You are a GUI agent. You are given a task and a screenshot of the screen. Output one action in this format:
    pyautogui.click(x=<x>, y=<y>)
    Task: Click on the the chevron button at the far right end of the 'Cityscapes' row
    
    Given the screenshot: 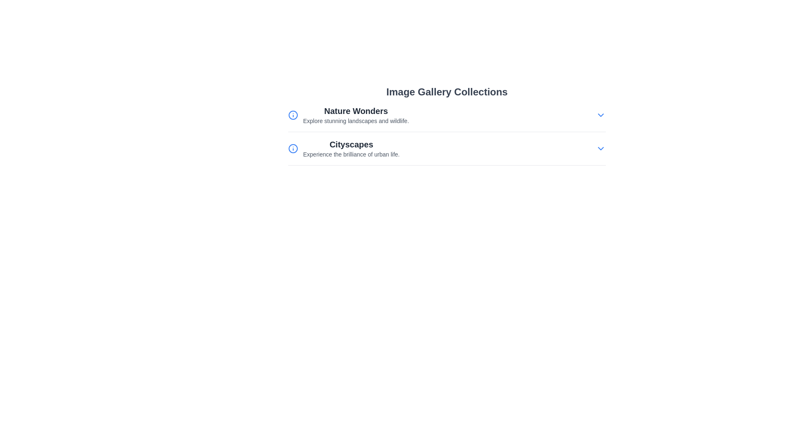 What is the action you would take?
    pyautogui.click(x=601, y=148)
    